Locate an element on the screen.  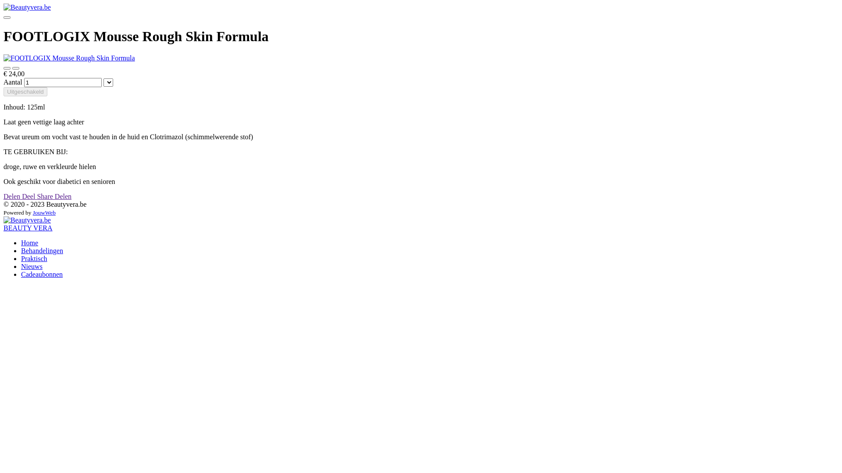
'JouwWeb' is located at coordinates (43, 212).